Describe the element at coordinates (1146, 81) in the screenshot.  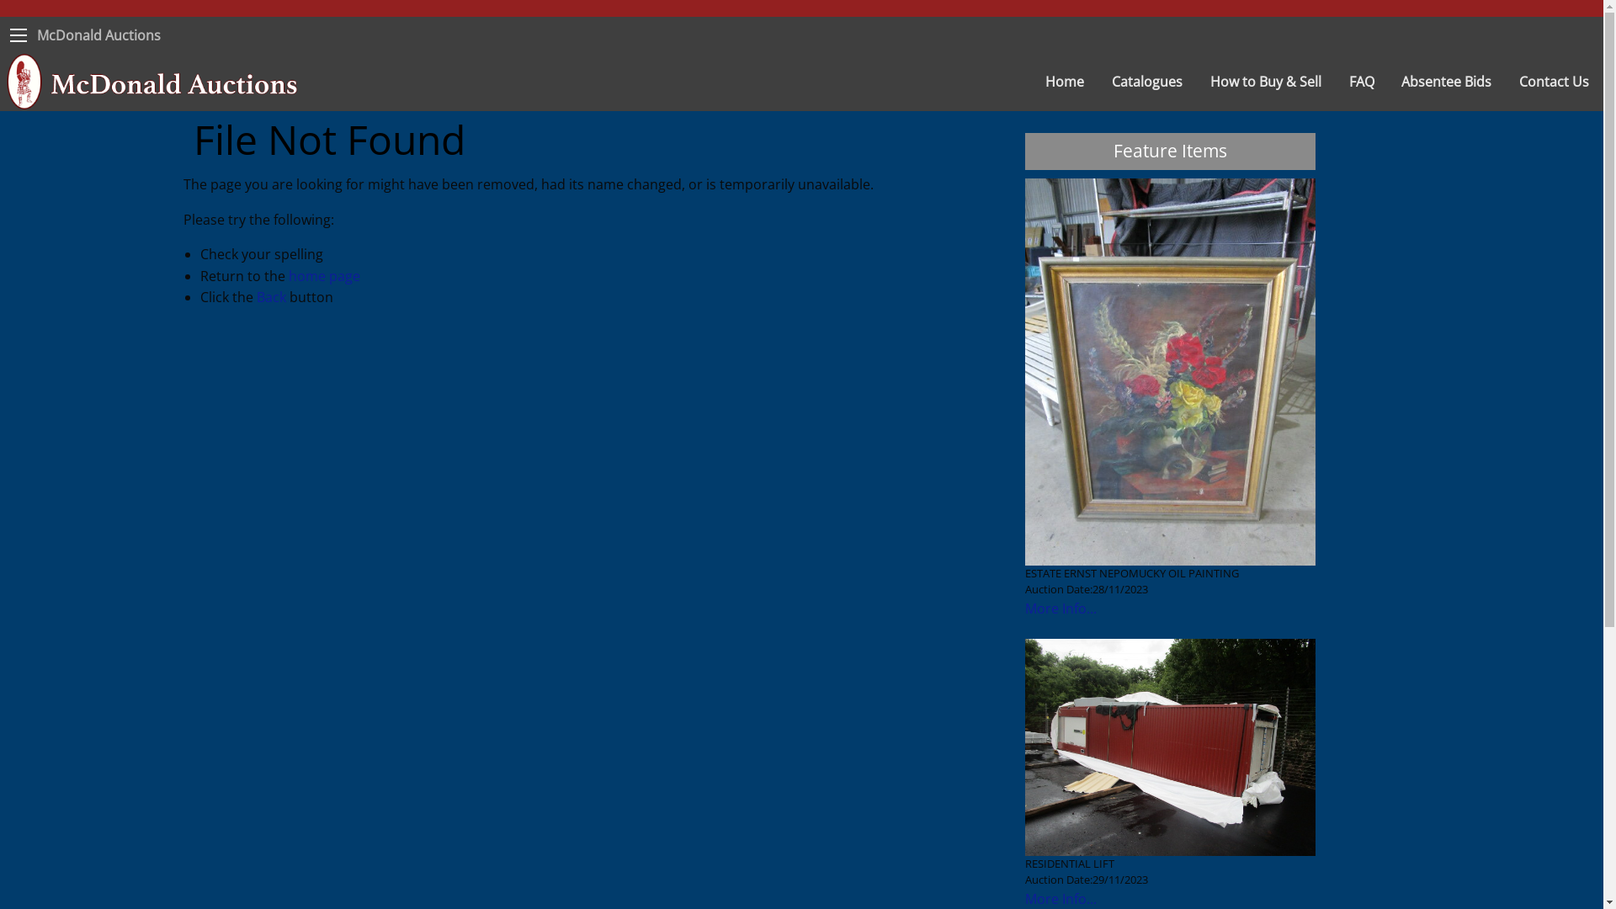
I see `'Catalogues'` at that location.